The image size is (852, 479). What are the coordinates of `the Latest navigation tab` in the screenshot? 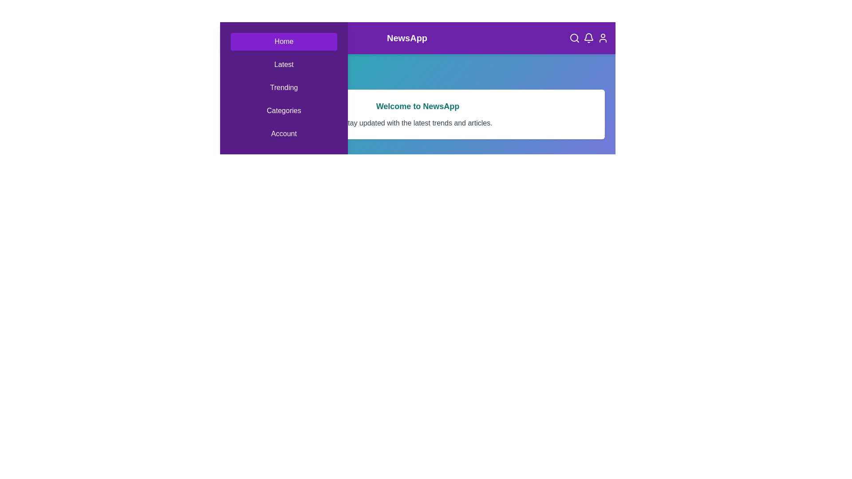 It's located at (283, 64).